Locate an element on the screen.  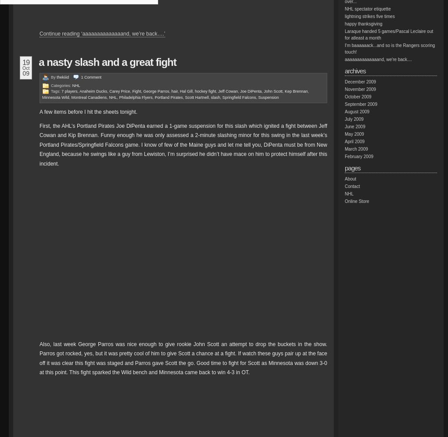
'09' is located at coordinates (25, 73).